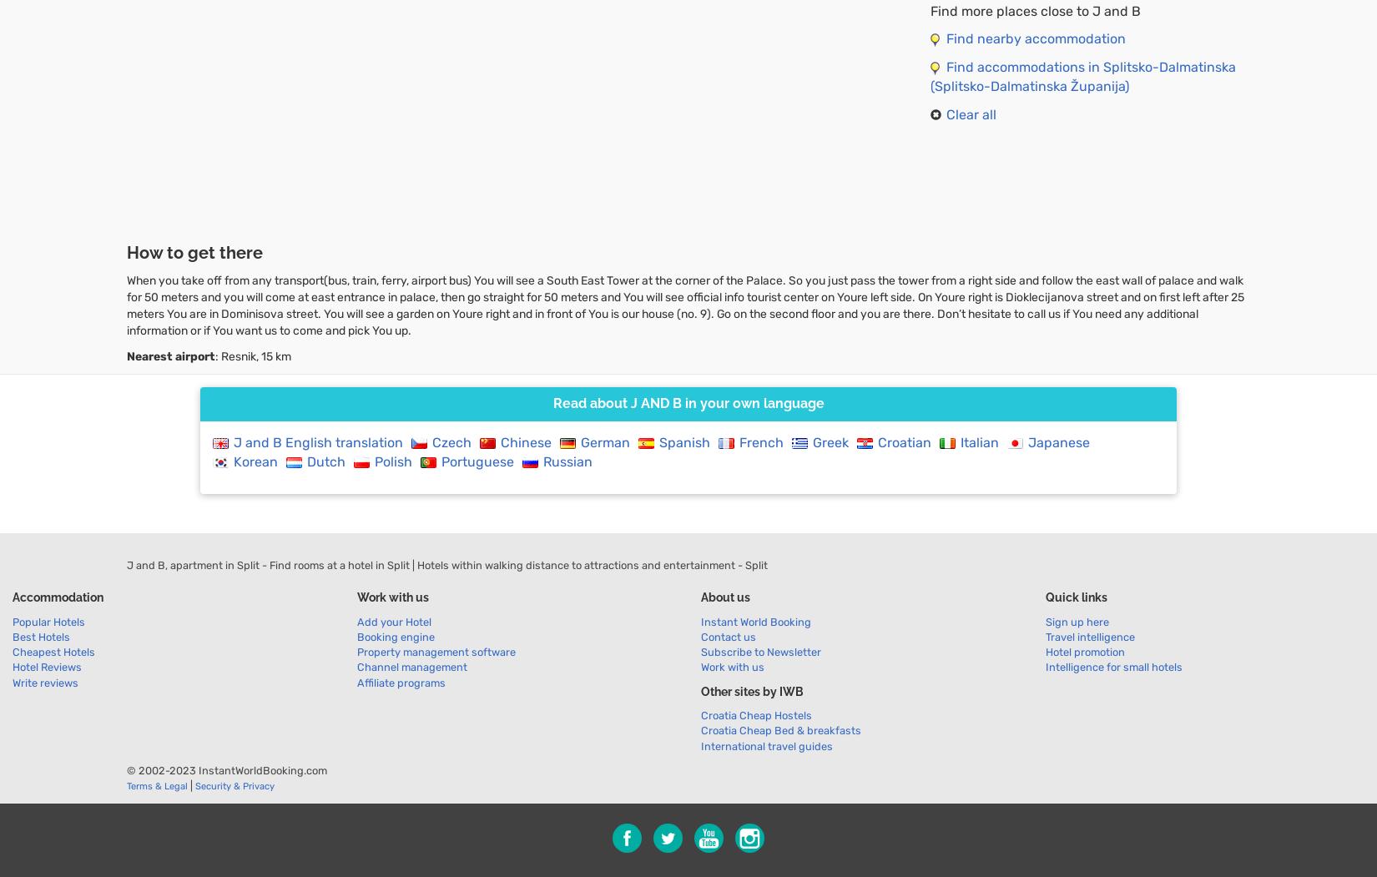 Image resolution: width=1377 pixels, height=877 pixels. What do you see at coordinates (878, 441) in the screenshot?
I see `'Croatian'` at bounding box center [878, 441].